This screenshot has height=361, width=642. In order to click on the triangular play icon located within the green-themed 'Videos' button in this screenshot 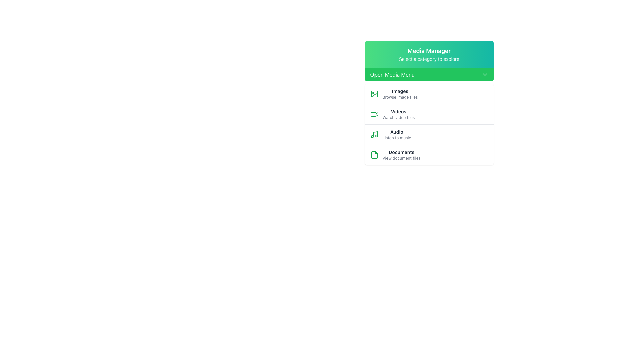, I will do `click(377, 114)`.